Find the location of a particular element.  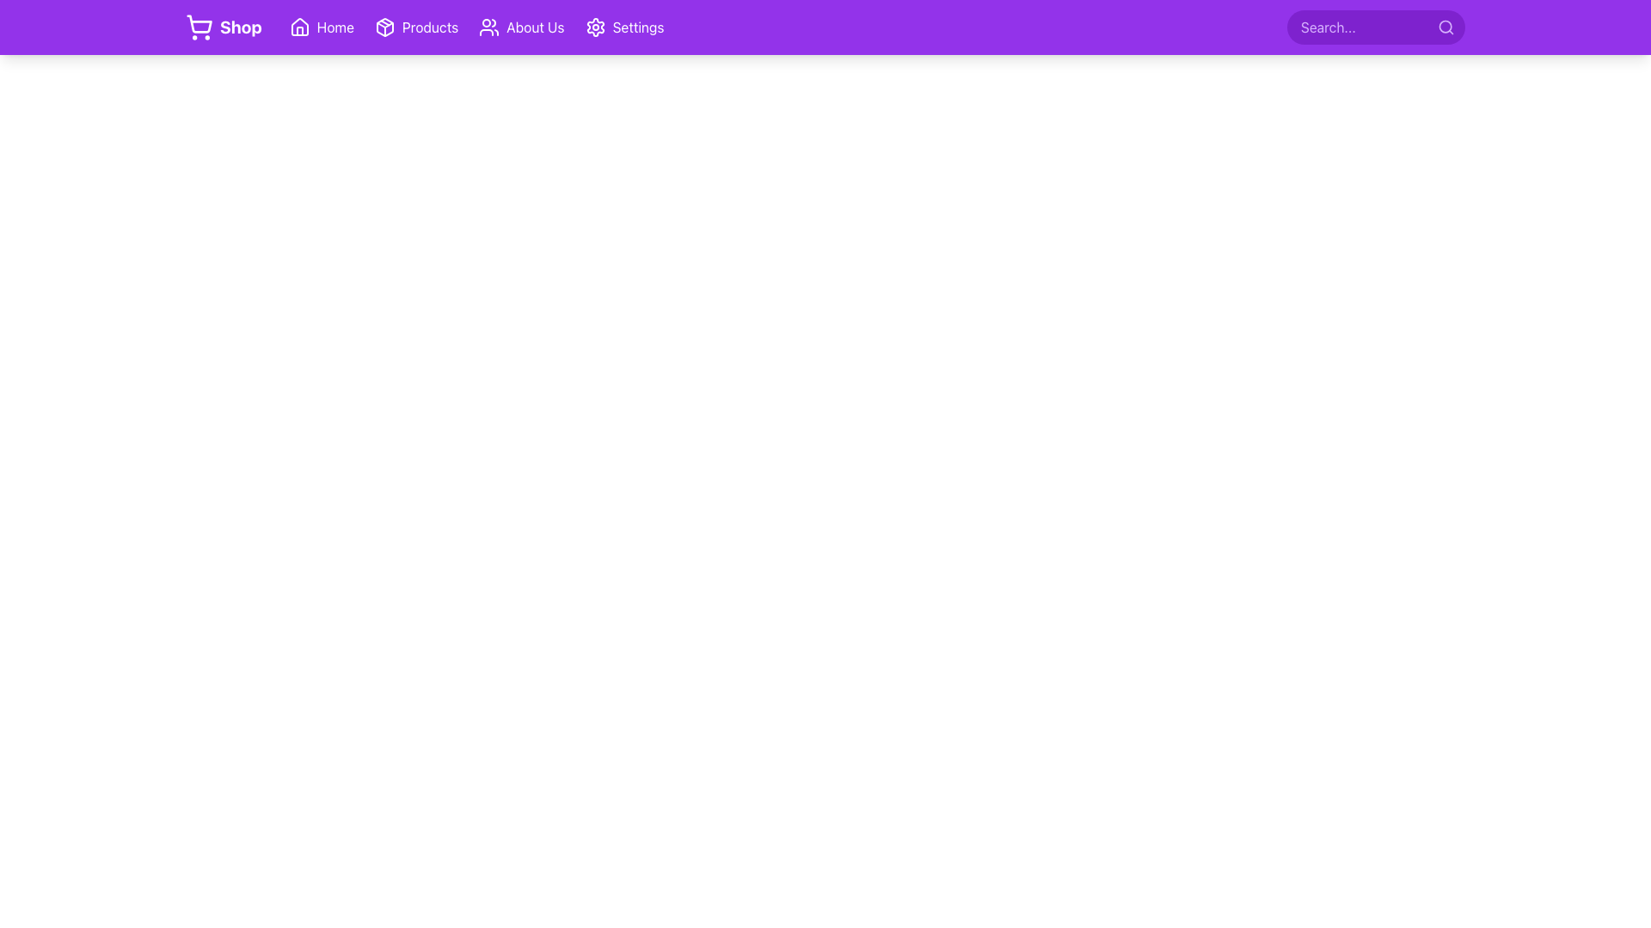

the 'About Us' icon located in the top navigation bar, which visually represents the 'About Us' section and is positioned to the left of the 'About Us' text is located at coordinates (488, 27).